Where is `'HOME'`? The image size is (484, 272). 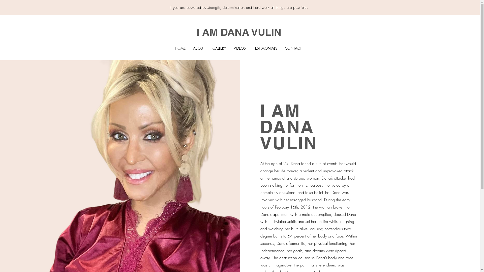 'HOME' is located at coordinates (180, 48).